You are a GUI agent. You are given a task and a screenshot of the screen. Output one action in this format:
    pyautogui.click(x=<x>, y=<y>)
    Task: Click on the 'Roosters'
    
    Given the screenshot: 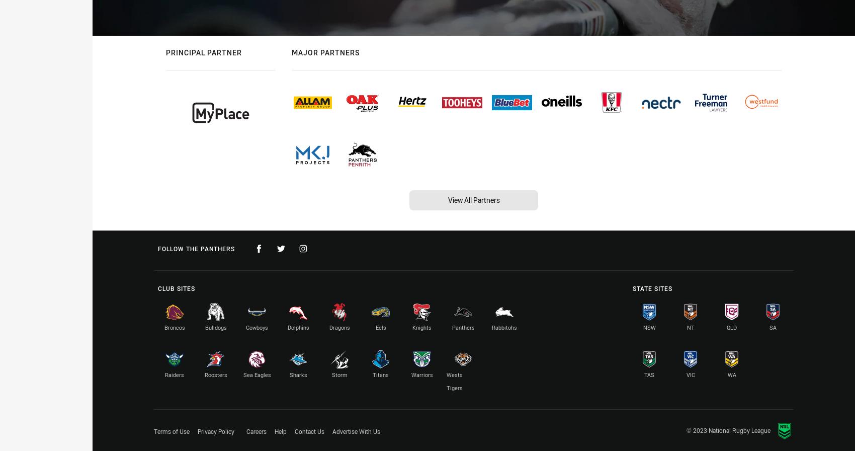 What is the action you would take?
    pyautogui.click(x=203, y=374)
    